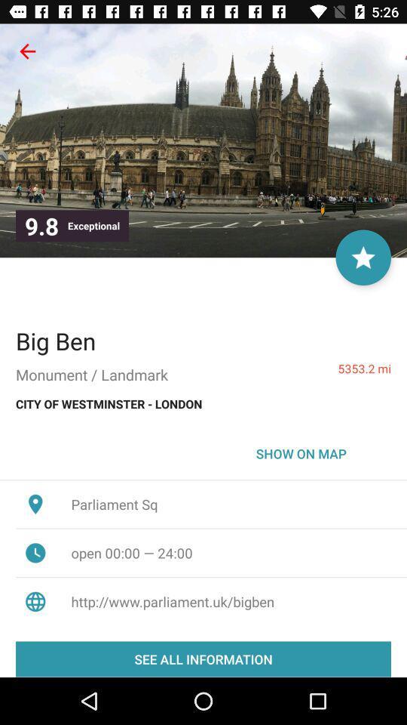 The height and width of the screenshot is (725, 407). Describe the element at coordinates (55, 341) in the screenshot. I see `big ben` at that location.